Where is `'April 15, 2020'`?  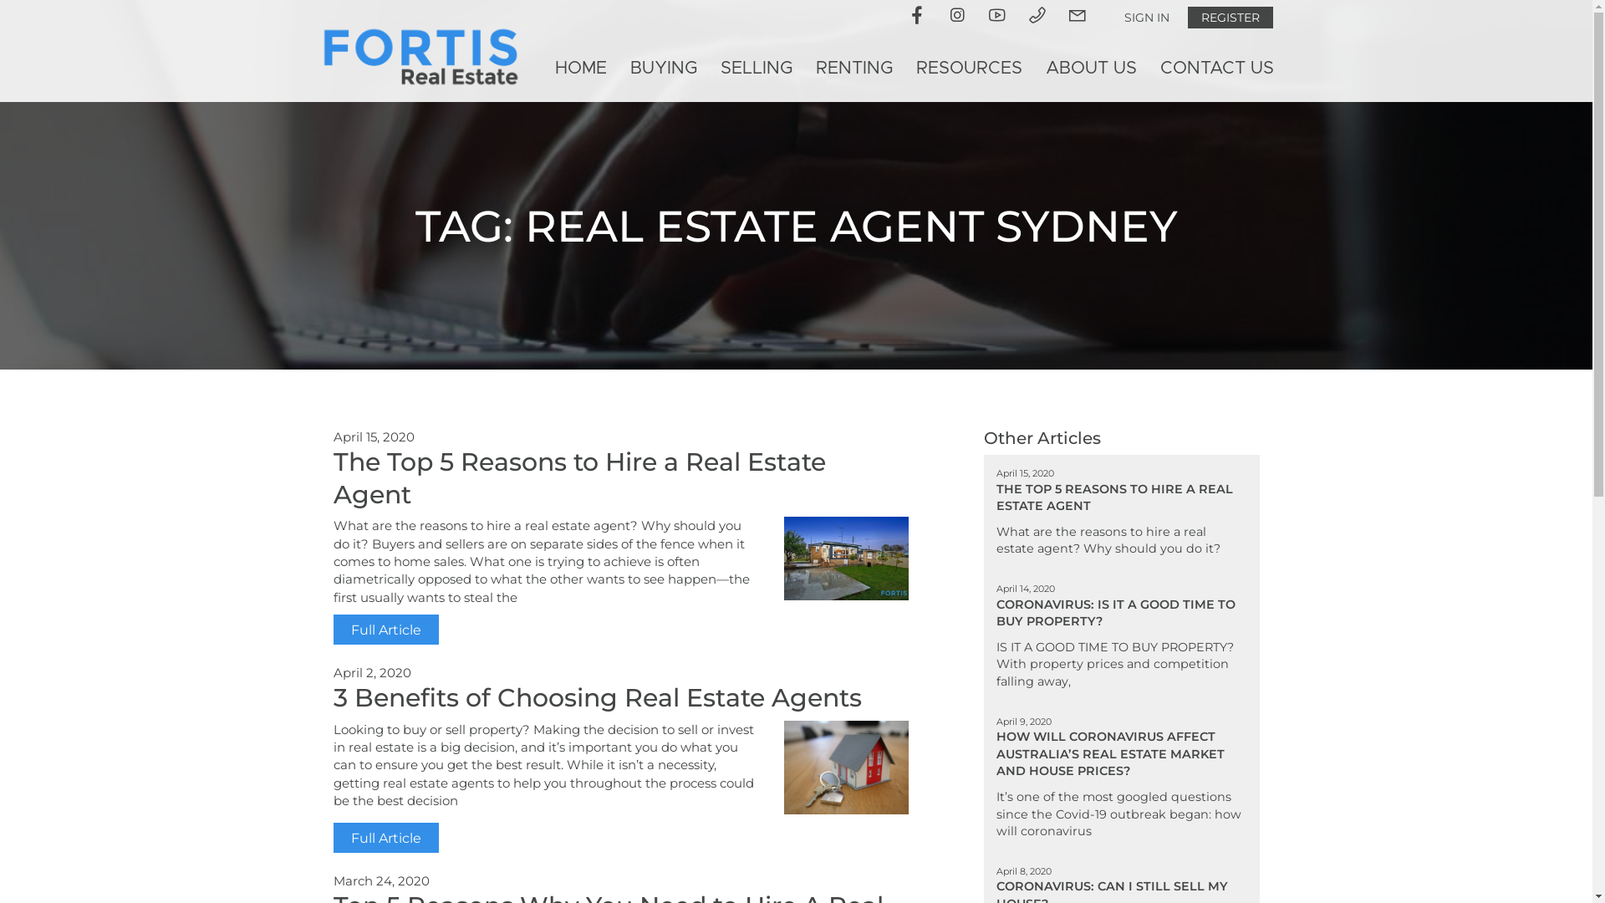
'April 15, 2020' is located at coordinates (372, 436).